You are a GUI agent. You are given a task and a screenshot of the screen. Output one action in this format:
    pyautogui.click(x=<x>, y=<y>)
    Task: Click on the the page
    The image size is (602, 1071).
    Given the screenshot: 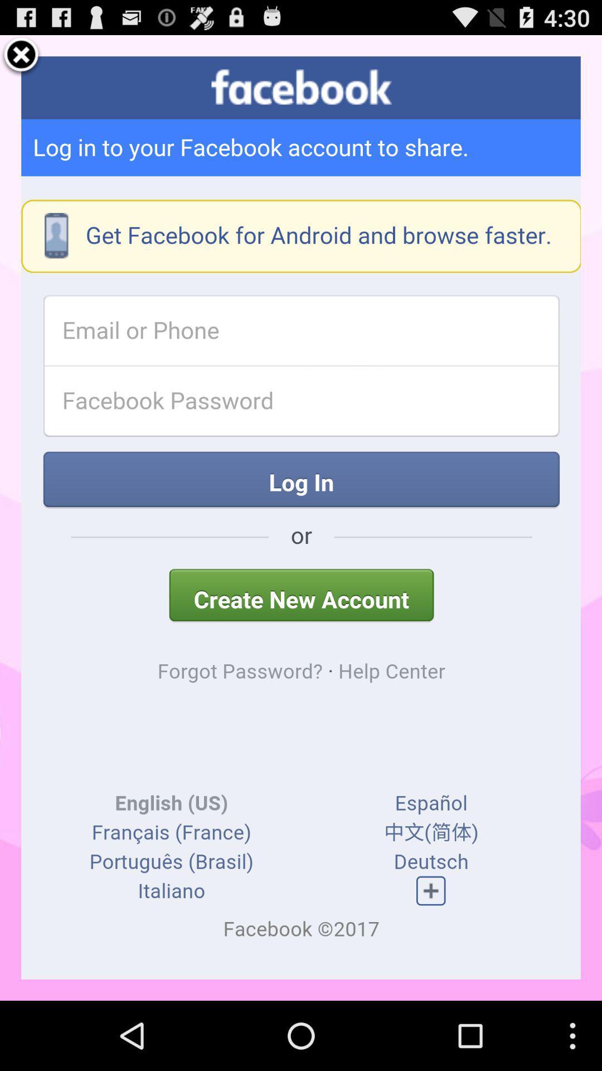 What is the action you would take?
    pyautogui.click(x=21, y=56)
    